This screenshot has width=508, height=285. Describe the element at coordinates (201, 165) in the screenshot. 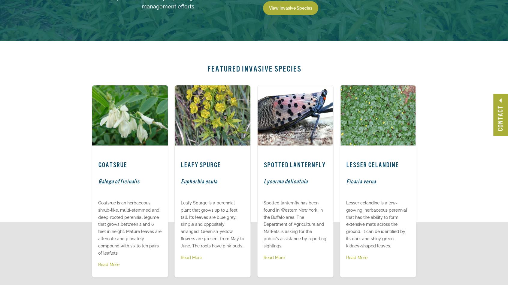

I see `'Leafy Spurge'` at that location.